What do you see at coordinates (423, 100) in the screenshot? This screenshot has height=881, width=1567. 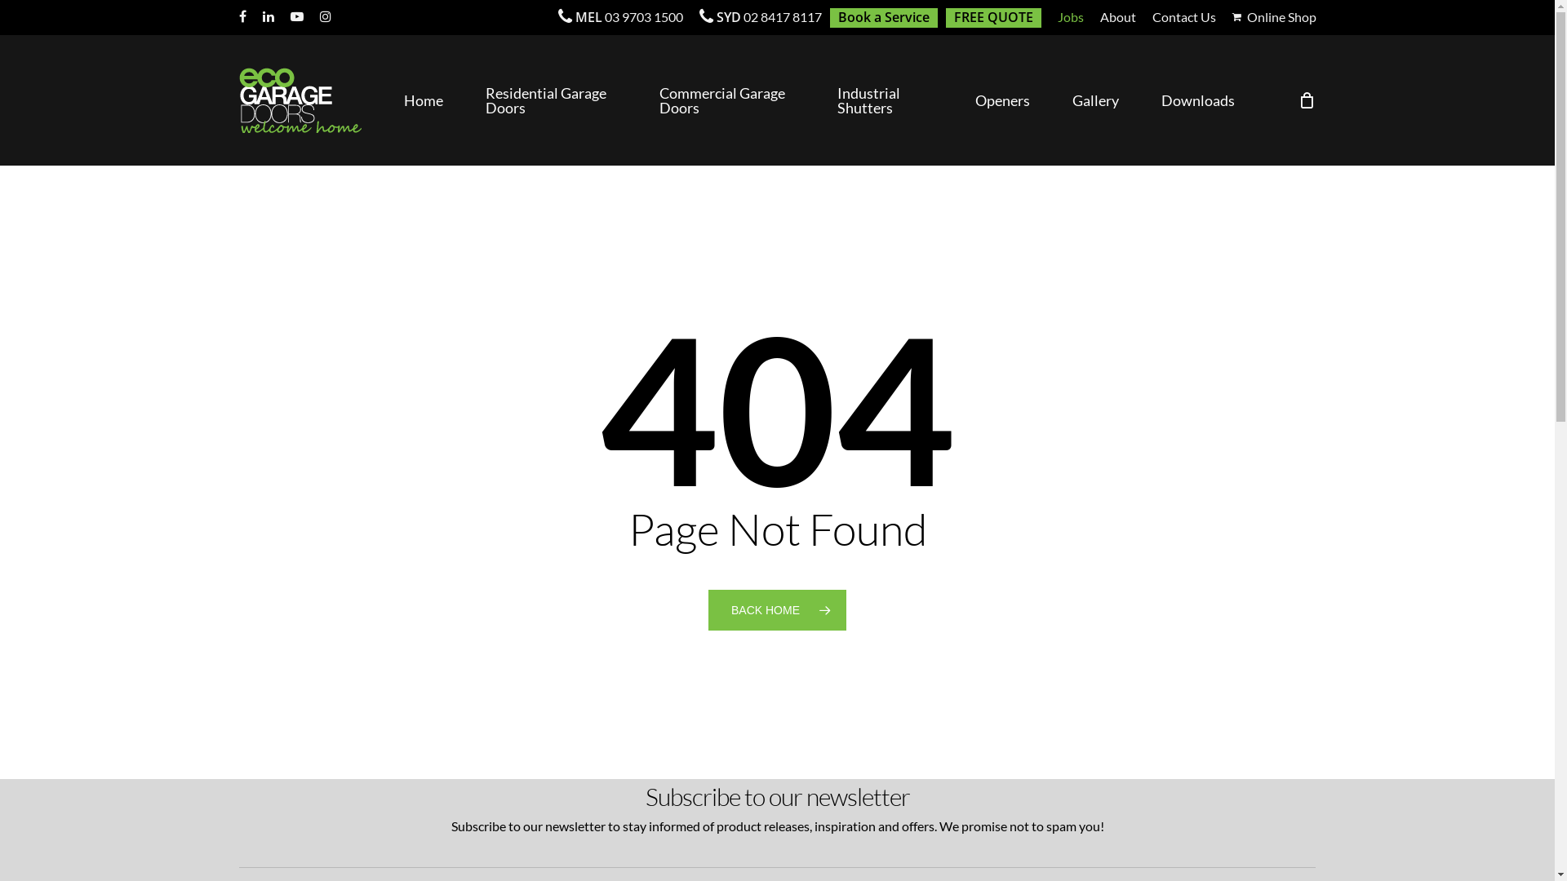 I see `'Home'` at bounding box center [423, 100].